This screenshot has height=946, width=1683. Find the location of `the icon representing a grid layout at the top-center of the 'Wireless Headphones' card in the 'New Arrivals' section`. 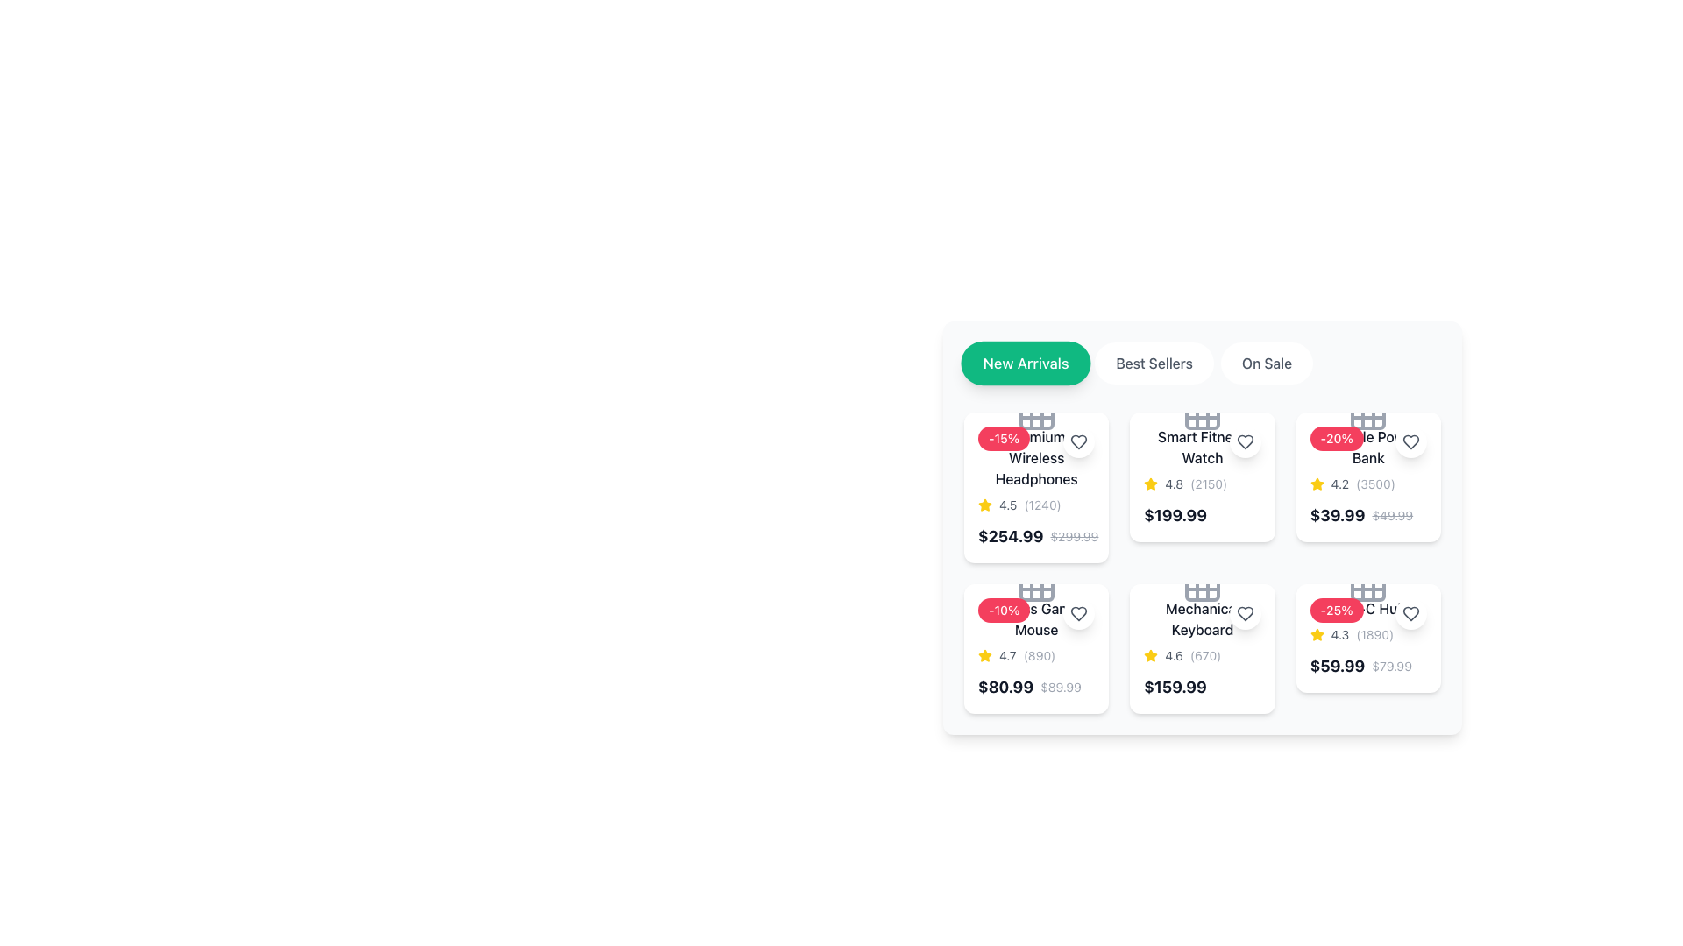

the icon representing a grid layout at the top-center of the 'Wireless Headphones' card in the 'New Arrivals' section is located at coordinates (1036, 412).